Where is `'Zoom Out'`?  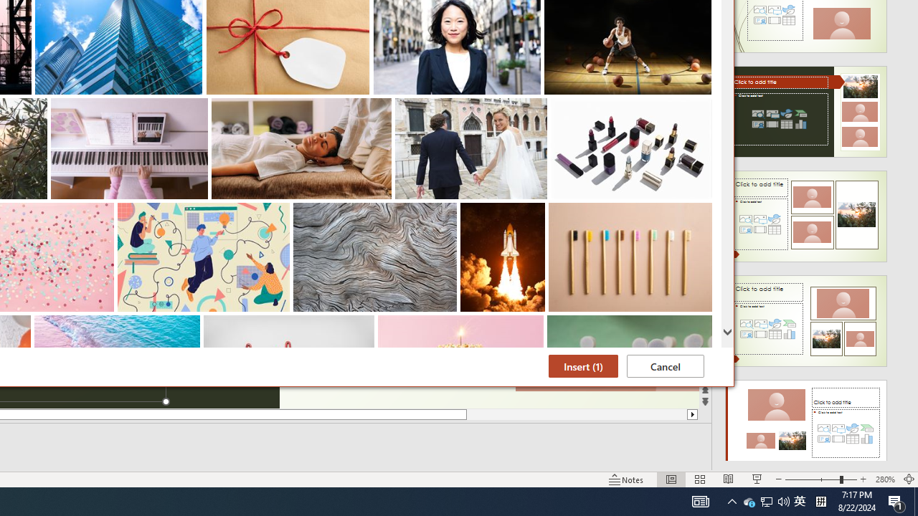
'Zoom Out' is located at coordinates (783, 500).